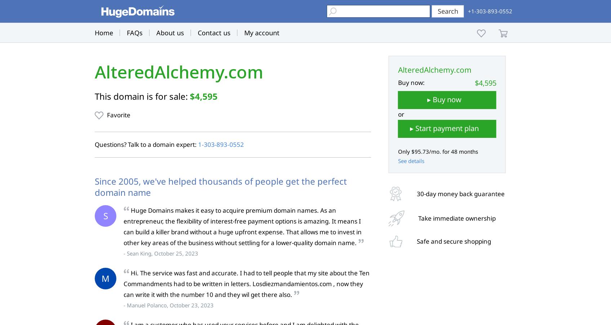  I want to click on 'Since 2005, we've helped thousands of people get the perfect domain name', so click(220, 186).